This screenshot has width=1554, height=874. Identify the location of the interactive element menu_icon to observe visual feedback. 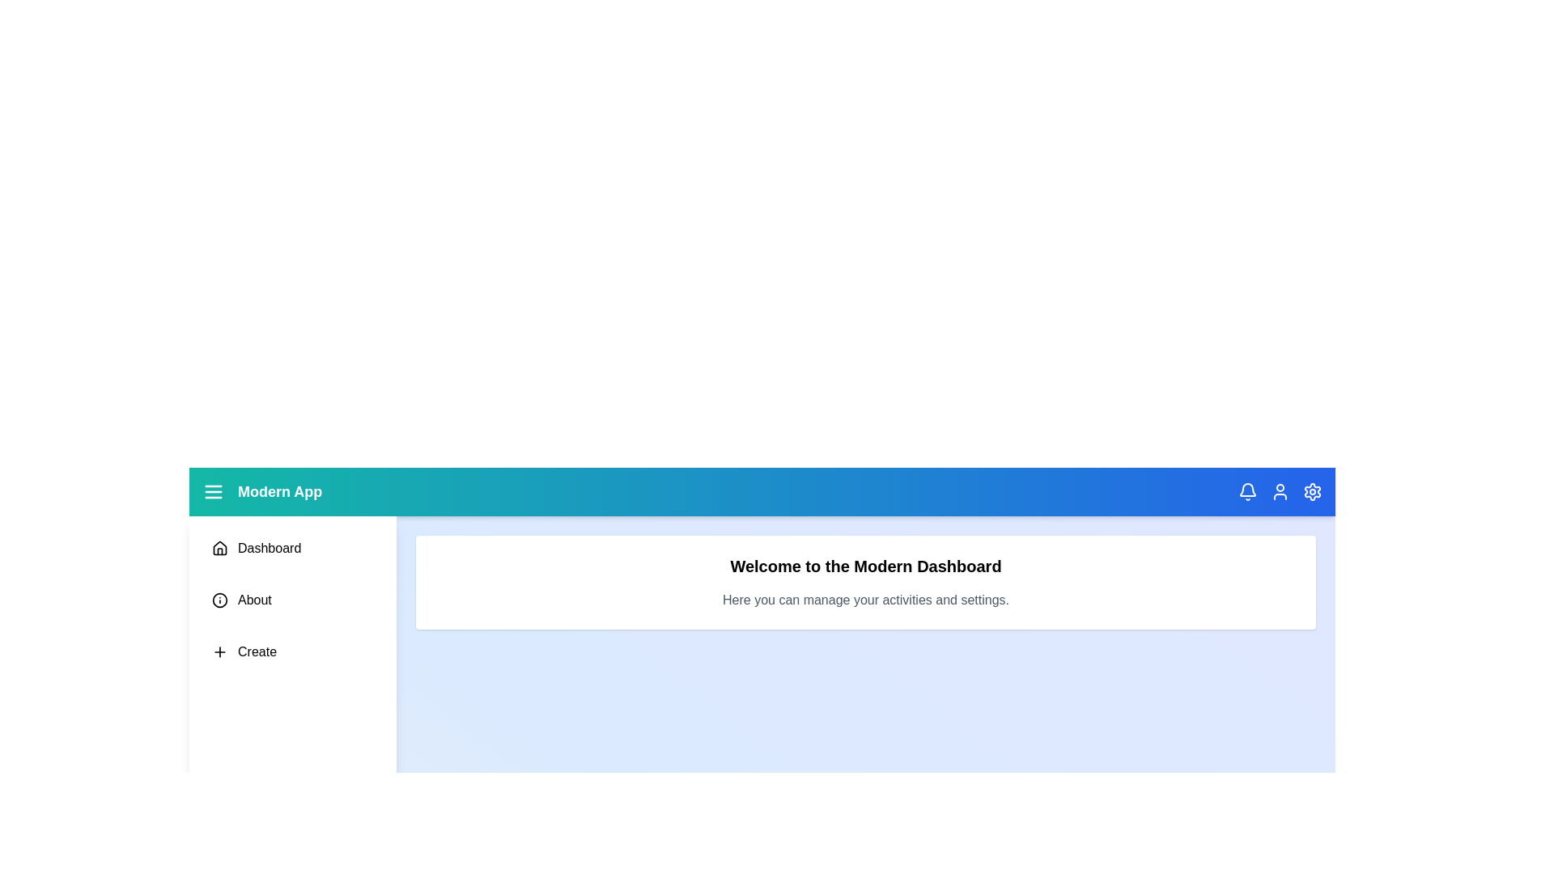
(213, 491).